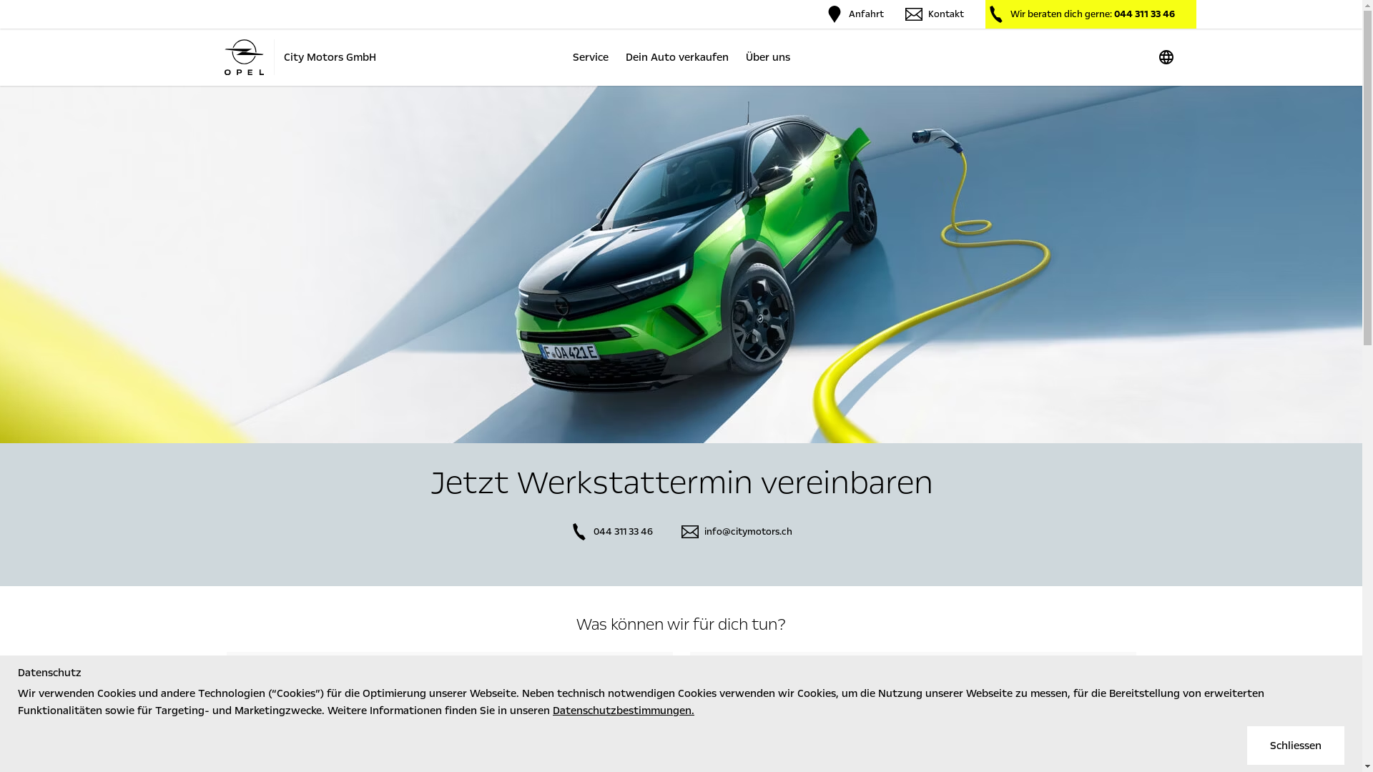 Image resolution: width=1373 pixels, height=772 pixels. I want to click on 'So findest du uns', so click(225, 683).